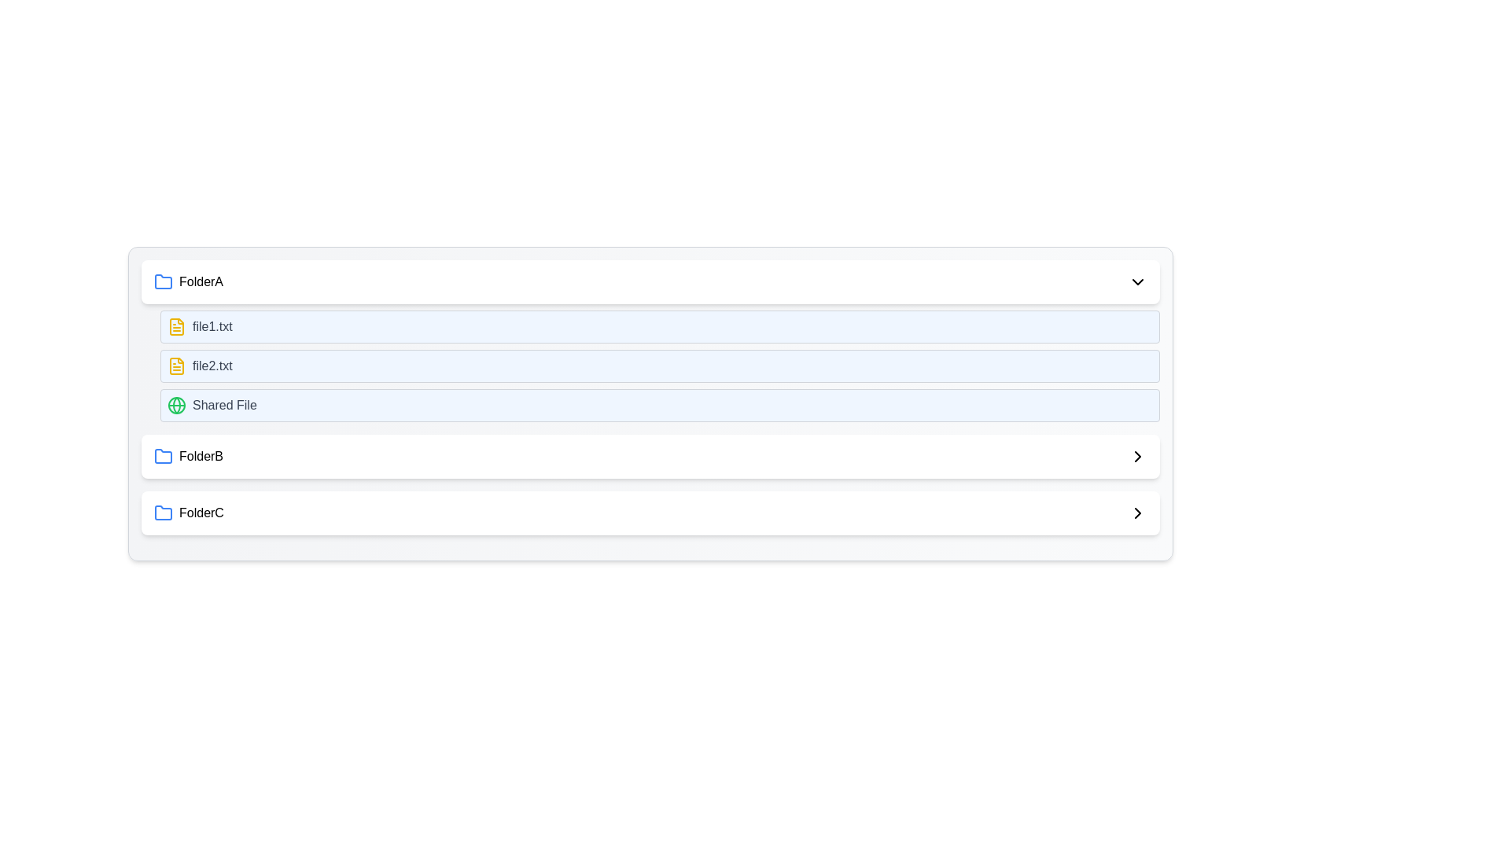 The width and height of the screenshot is (1510, 849). Describe the element at coordinates (1137, 457) in the screenshot. I see `the vector graphic control associated with the collapsible section labeled 'FolderB'` at that location.